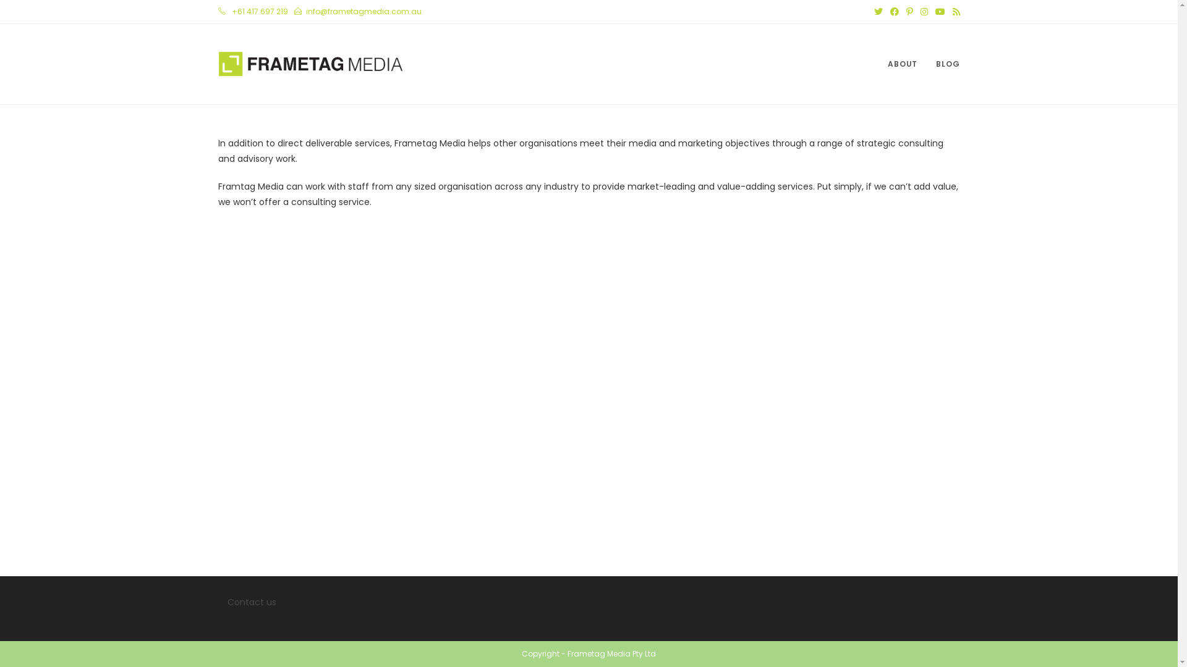  What do you see at coordinates (947, 64) in the screenshot?
I see `'BLOG'` at bounding box center [947, 64].